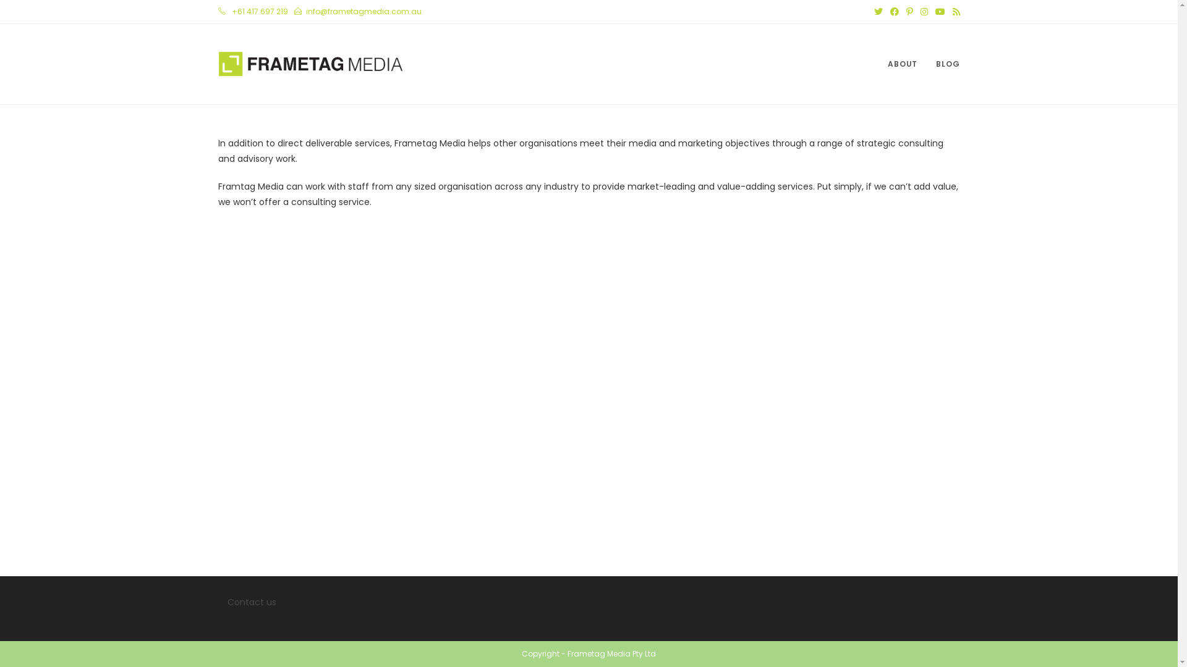  What do you see at coordinates (947, 64) in the screenshot?
I see `'BLOG'` at bounding box center [947, 64].